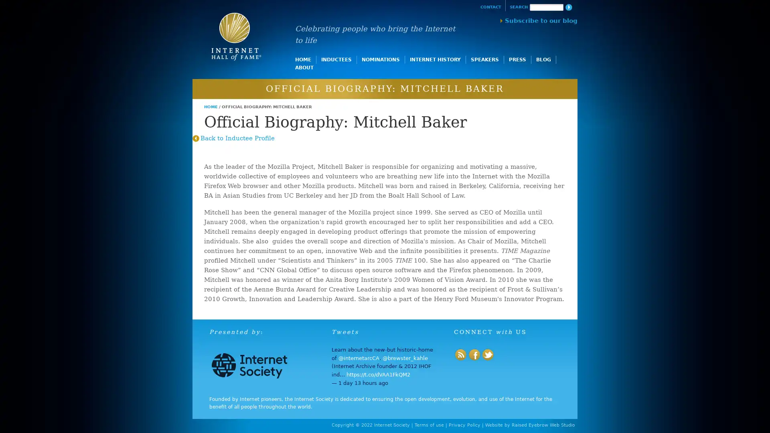 The image size is (770, 433). I want to click on Search, so click(568, 7).